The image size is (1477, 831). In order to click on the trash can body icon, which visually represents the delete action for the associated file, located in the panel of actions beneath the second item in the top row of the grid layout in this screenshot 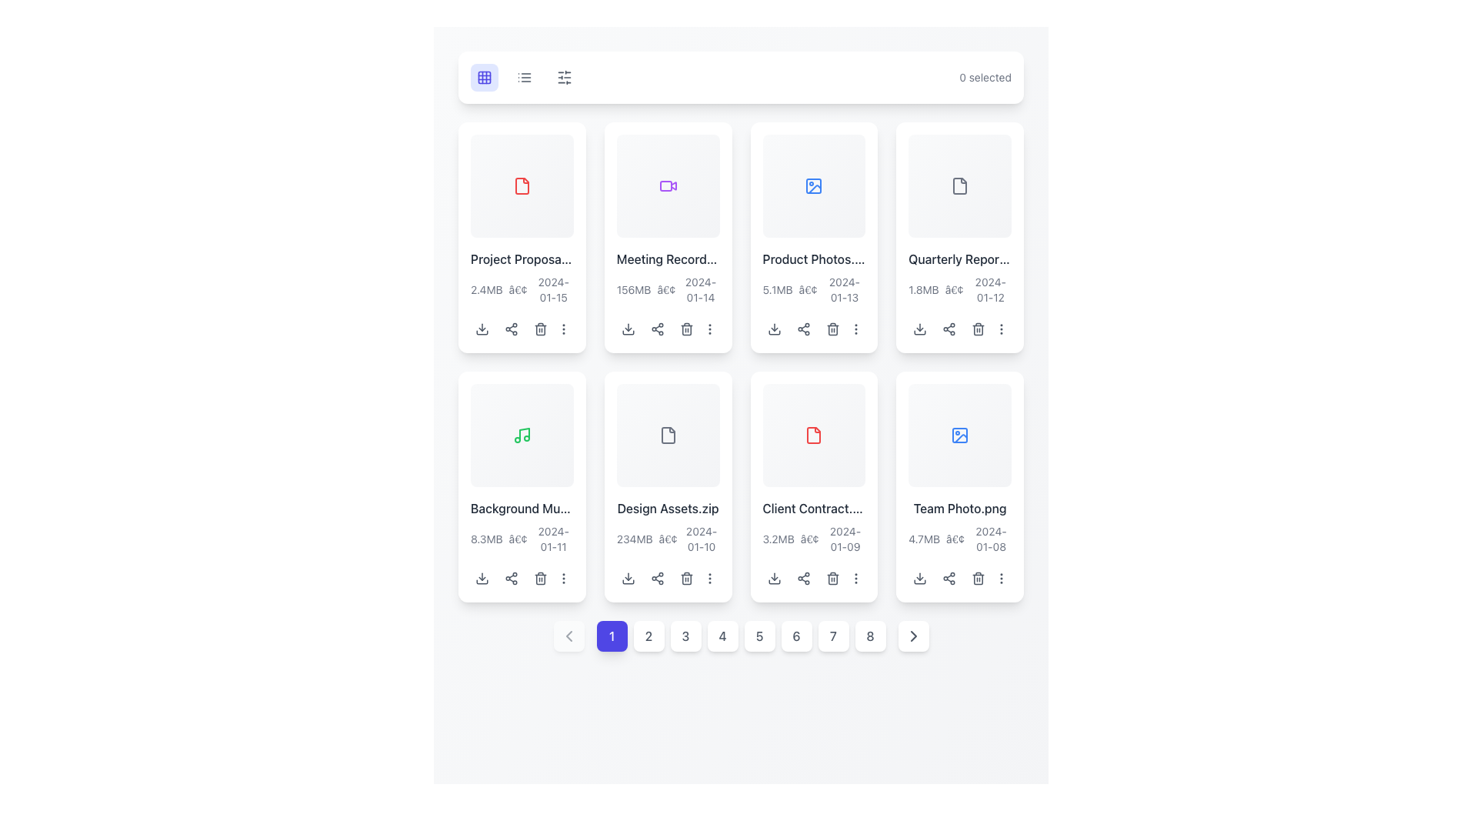, I will do `click(685, 329)`.